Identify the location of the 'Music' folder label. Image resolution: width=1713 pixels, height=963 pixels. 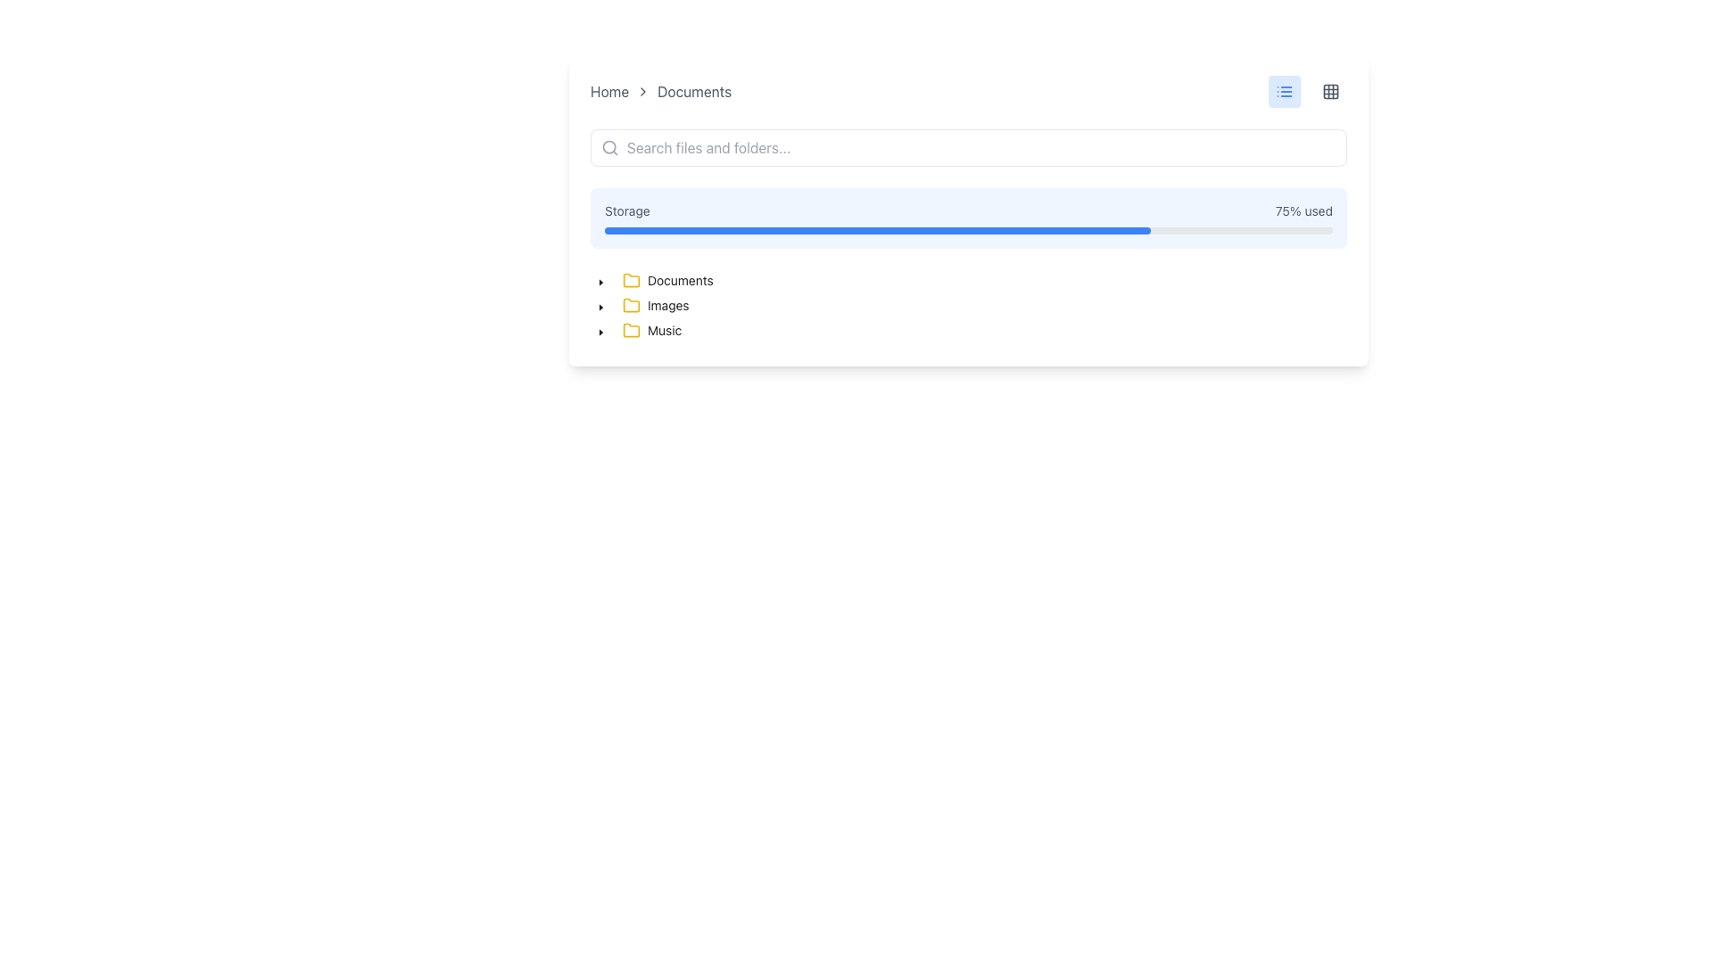
(639, 330).